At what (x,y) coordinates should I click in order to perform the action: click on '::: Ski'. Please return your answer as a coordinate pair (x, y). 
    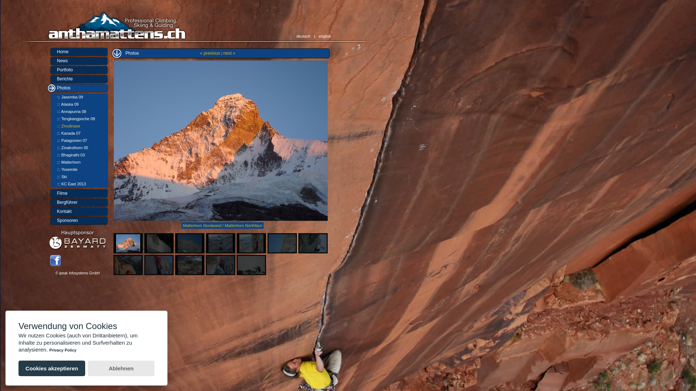
    Looking at the image, I should click on (46, 177).